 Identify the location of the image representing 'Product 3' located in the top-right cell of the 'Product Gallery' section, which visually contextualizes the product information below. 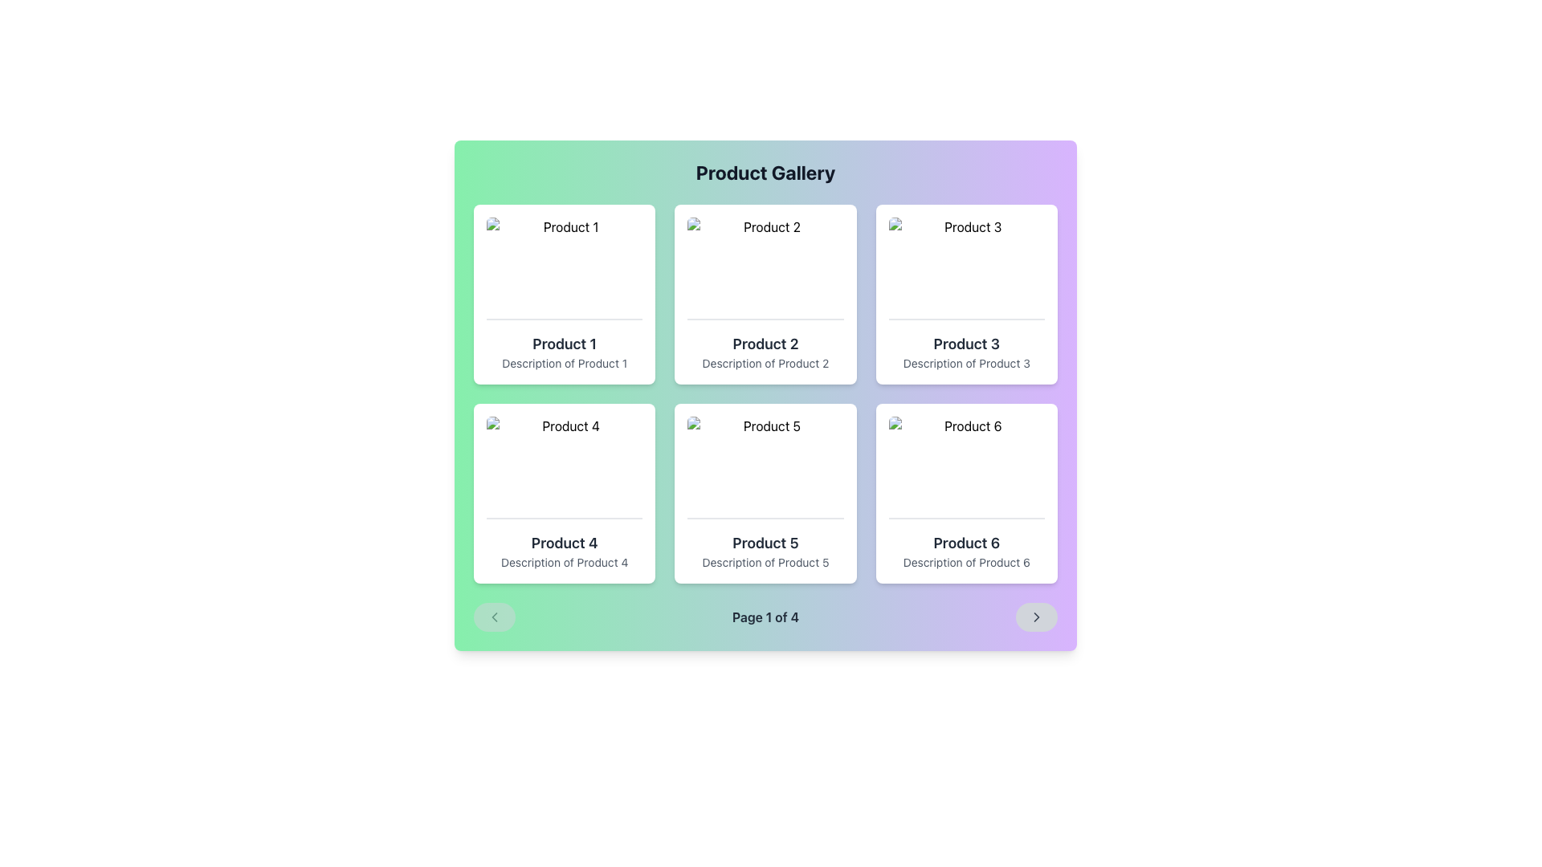
(965, 268).